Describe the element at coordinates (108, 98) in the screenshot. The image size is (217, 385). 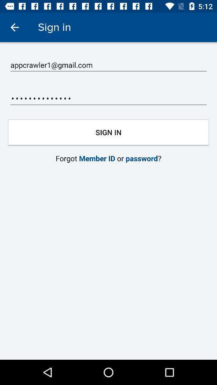
I see `icon above sign in icon` at that location.